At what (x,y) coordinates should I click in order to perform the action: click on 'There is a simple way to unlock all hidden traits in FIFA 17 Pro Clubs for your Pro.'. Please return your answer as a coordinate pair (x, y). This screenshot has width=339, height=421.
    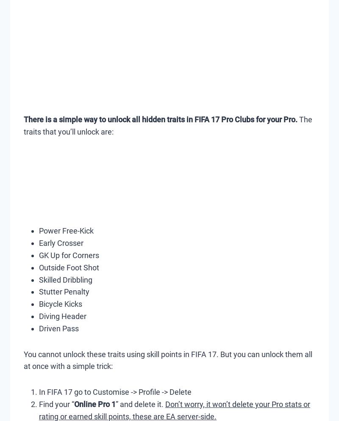
    Looking at the image, I should click on (160, 118).